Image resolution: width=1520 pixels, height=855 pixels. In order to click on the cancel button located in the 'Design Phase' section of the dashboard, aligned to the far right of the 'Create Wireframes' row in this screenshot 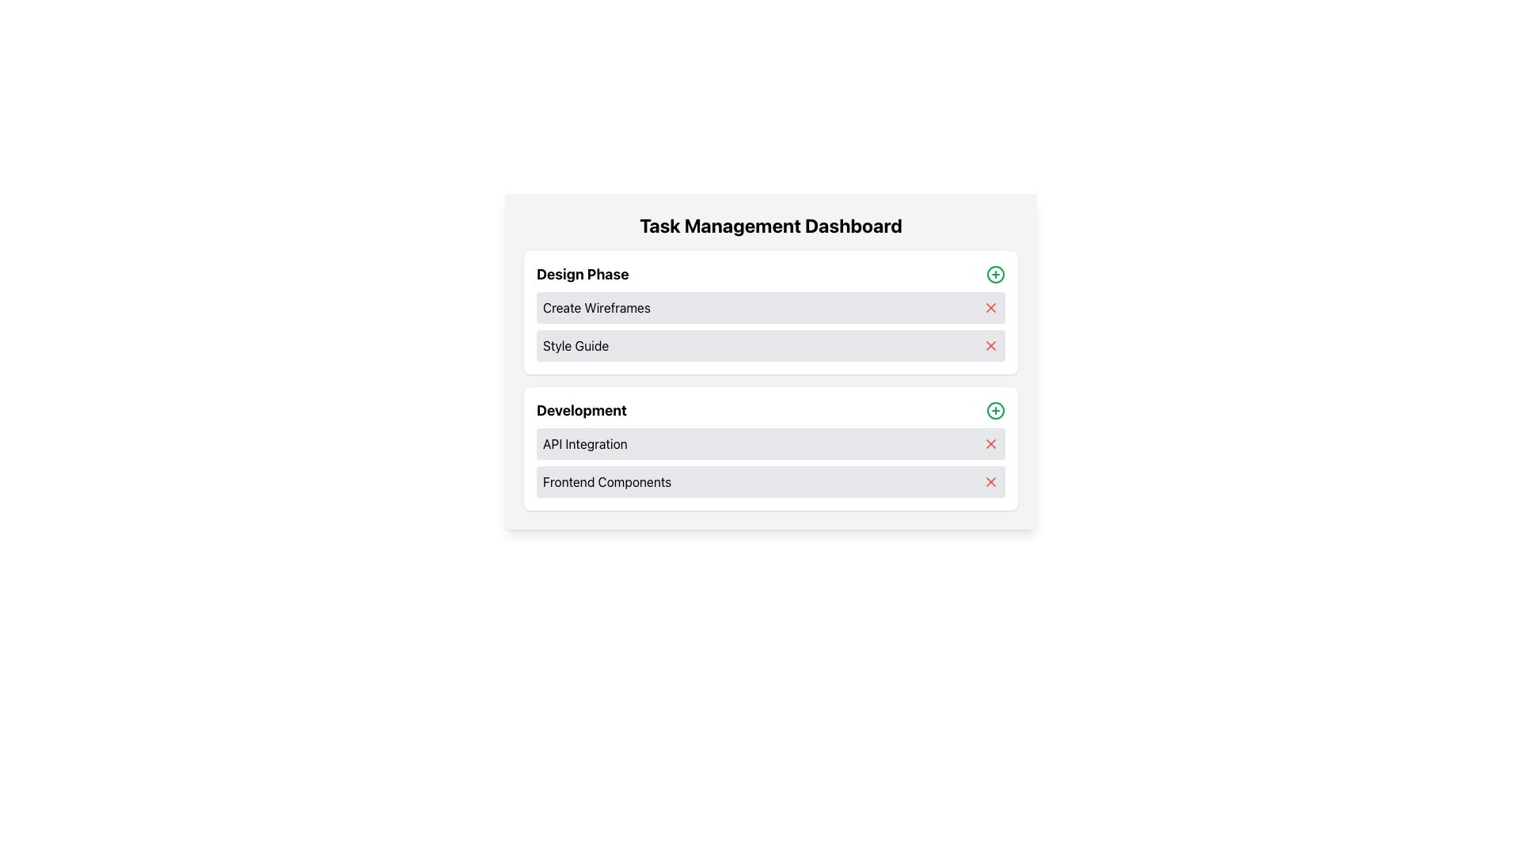, I will do `click(990, 308)`.